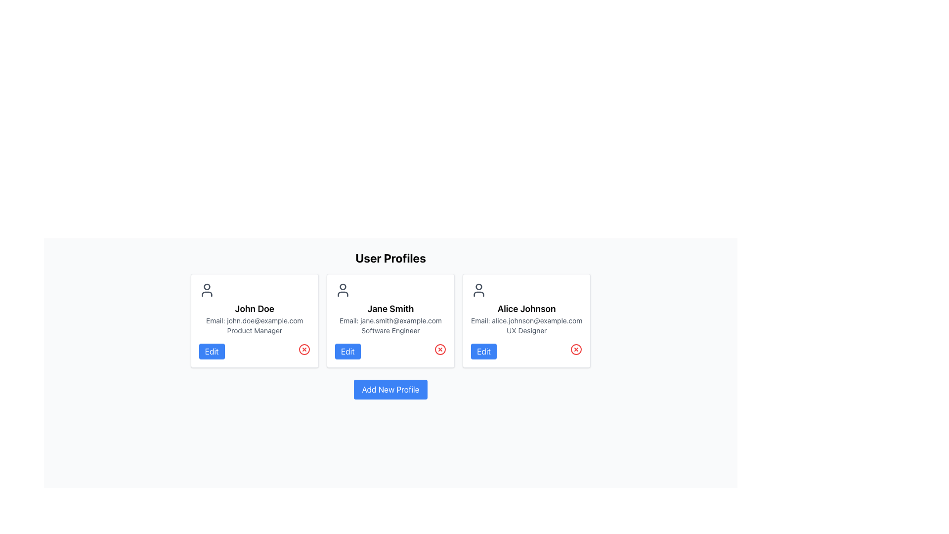 This screenshot has height=534, width=949. I want to click on the blue button with rounded corners labeled 'Edit' located under the name 'Alice Johnson' in the 'User Profiles' section, so click(484, 351).